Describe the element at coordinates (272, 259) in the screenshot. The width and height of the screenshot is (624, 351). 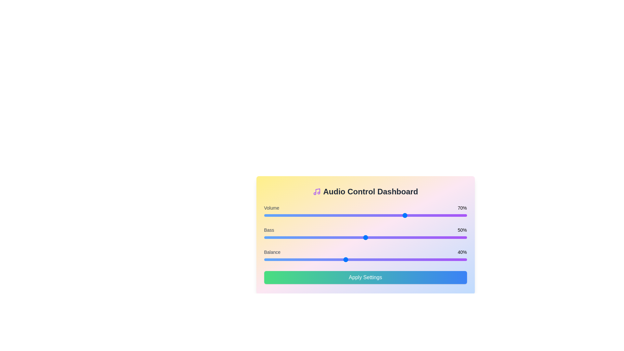
I see `balance` at that location.